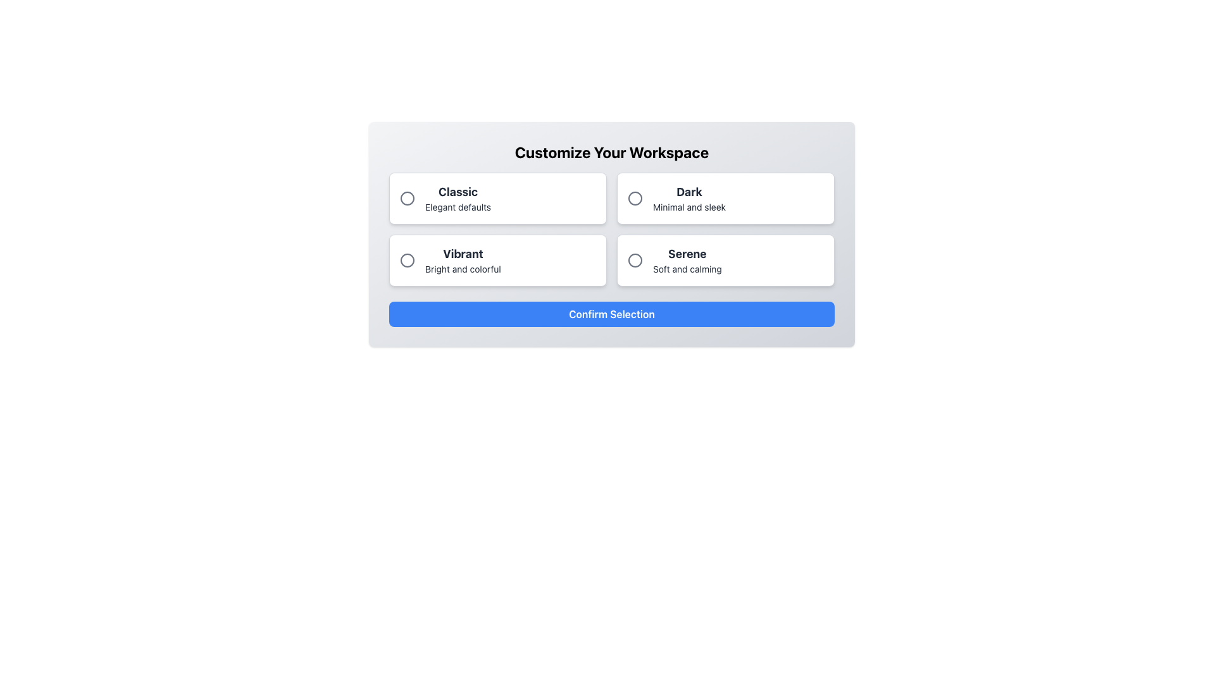  Describe the element at coordinates (462, 268) in the screenshot. I see `the descriptive text element providing supplementary information for the 'Vibrant' option in the workspace customization interface, located directly below the 'Vibrant' heading` at that location.